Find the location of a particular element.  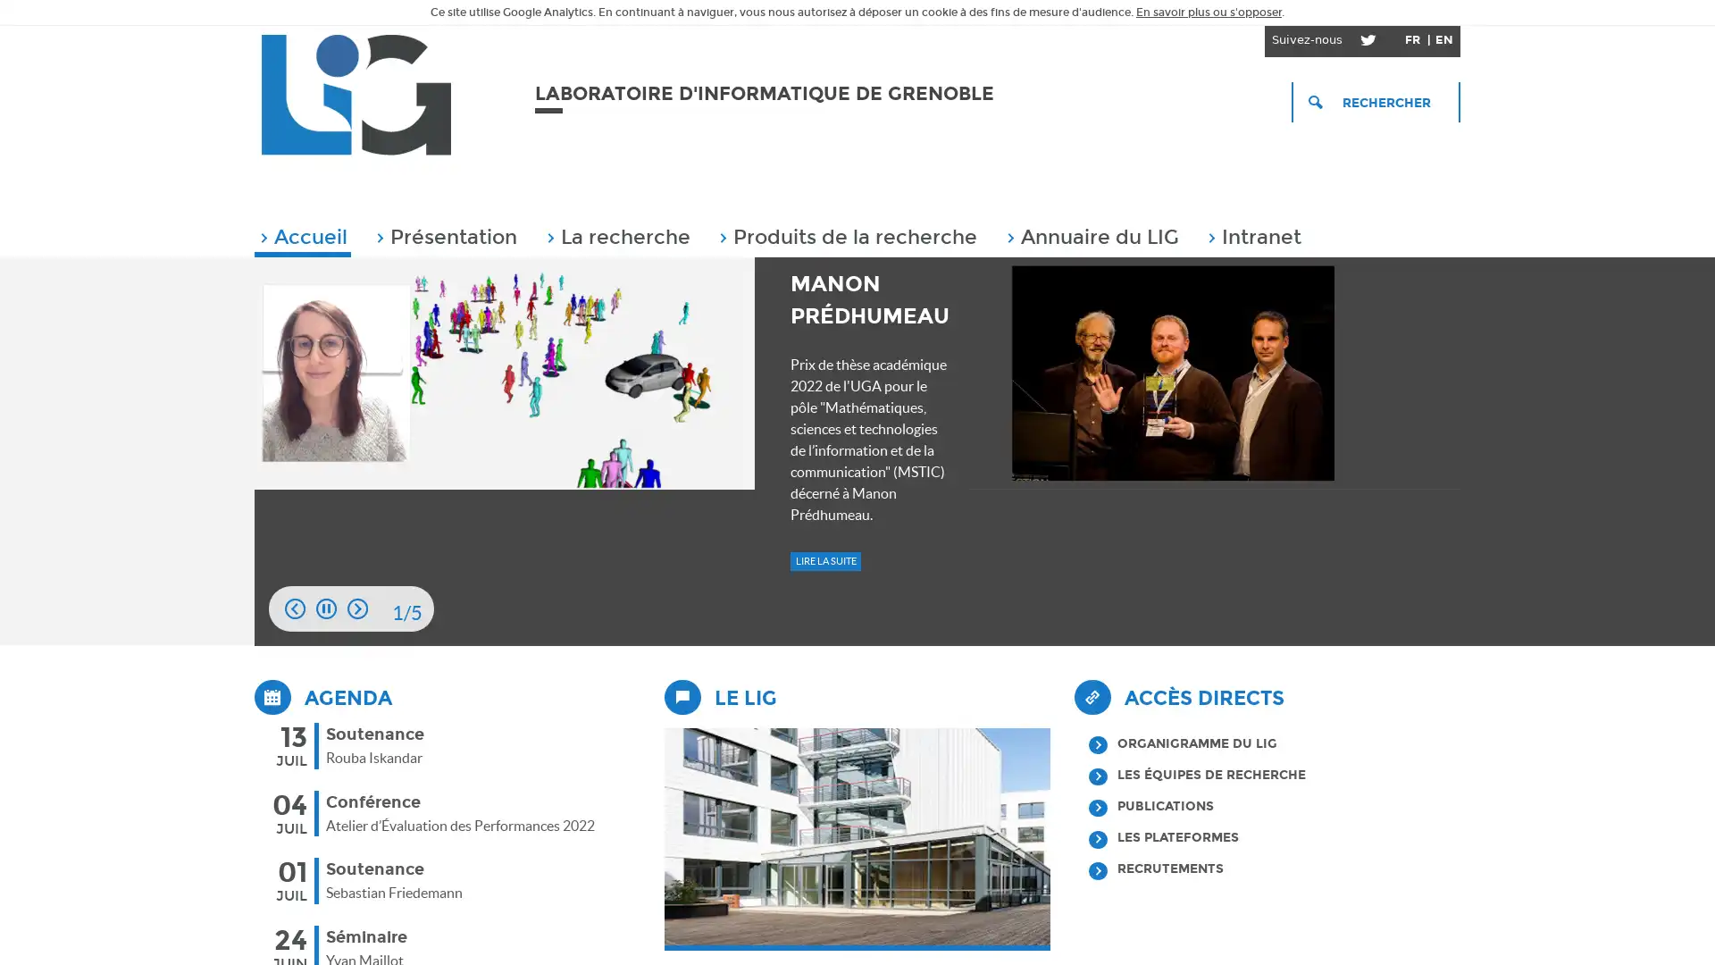

RECHERCHER is located at coordinates (1375, 102).